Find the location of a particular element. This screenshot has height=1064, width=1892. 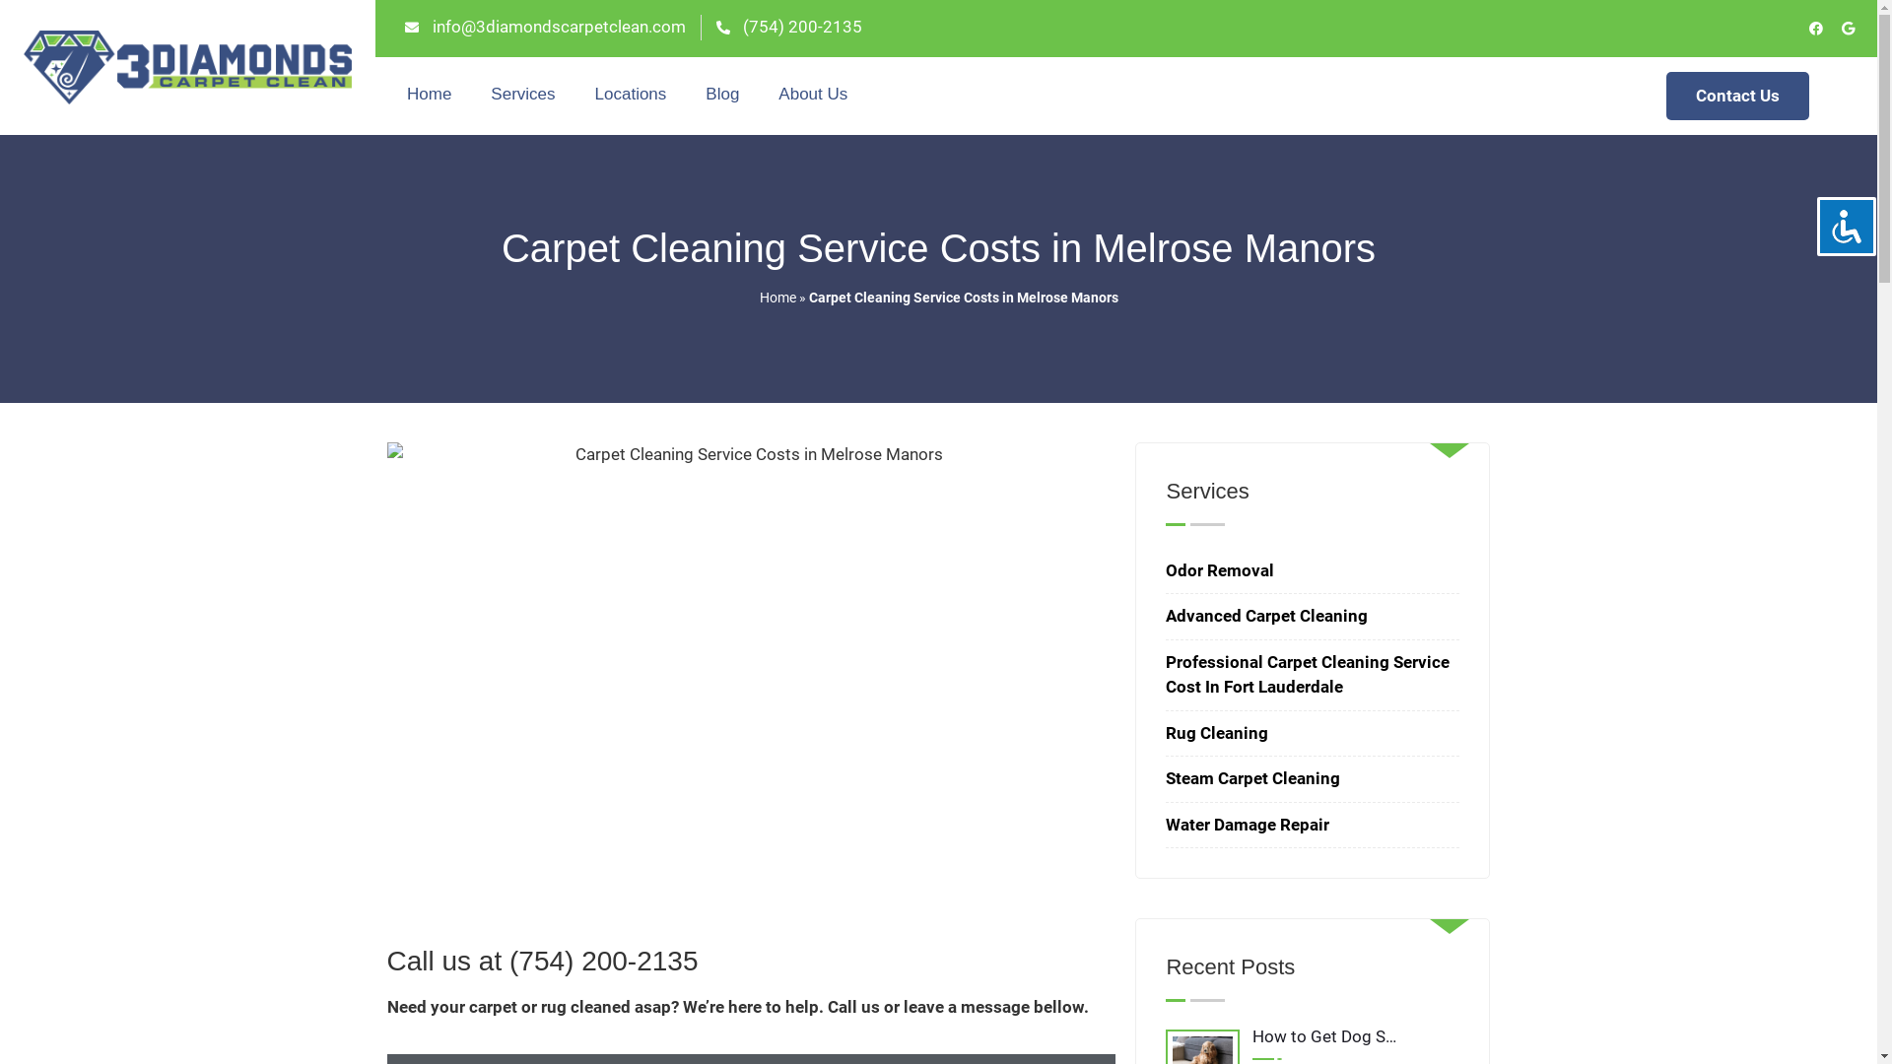

'Water Damage Repair' is located at coordinates (1247, 825).